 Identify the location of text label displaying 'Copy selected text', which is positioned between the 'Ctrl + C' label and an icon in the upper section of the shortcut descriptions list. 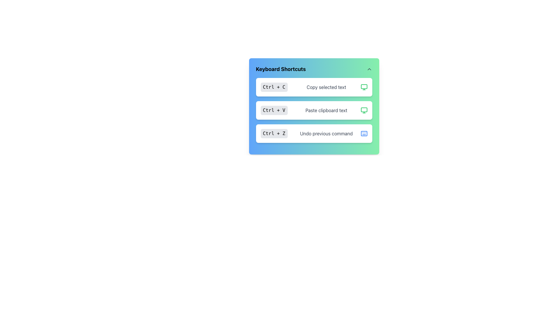
(326, 87).